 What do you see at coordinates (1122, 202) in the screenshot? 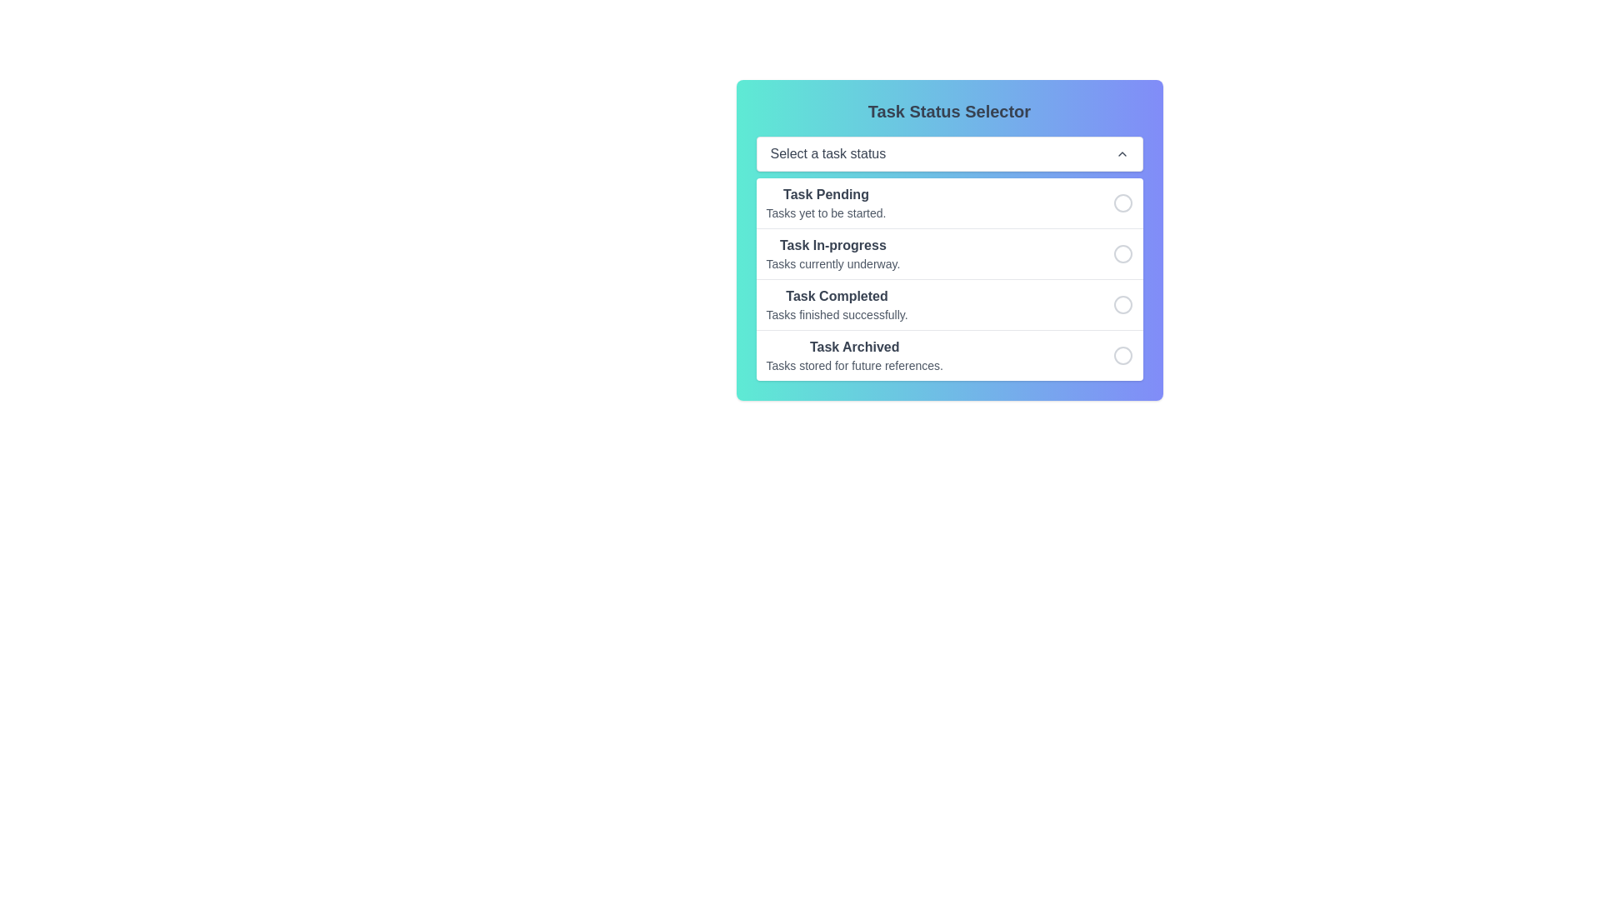
I see `the radio button associated with the 'Task Pending' option in the 'Task Status Selector' modal` at bounding box center [1122, 202].